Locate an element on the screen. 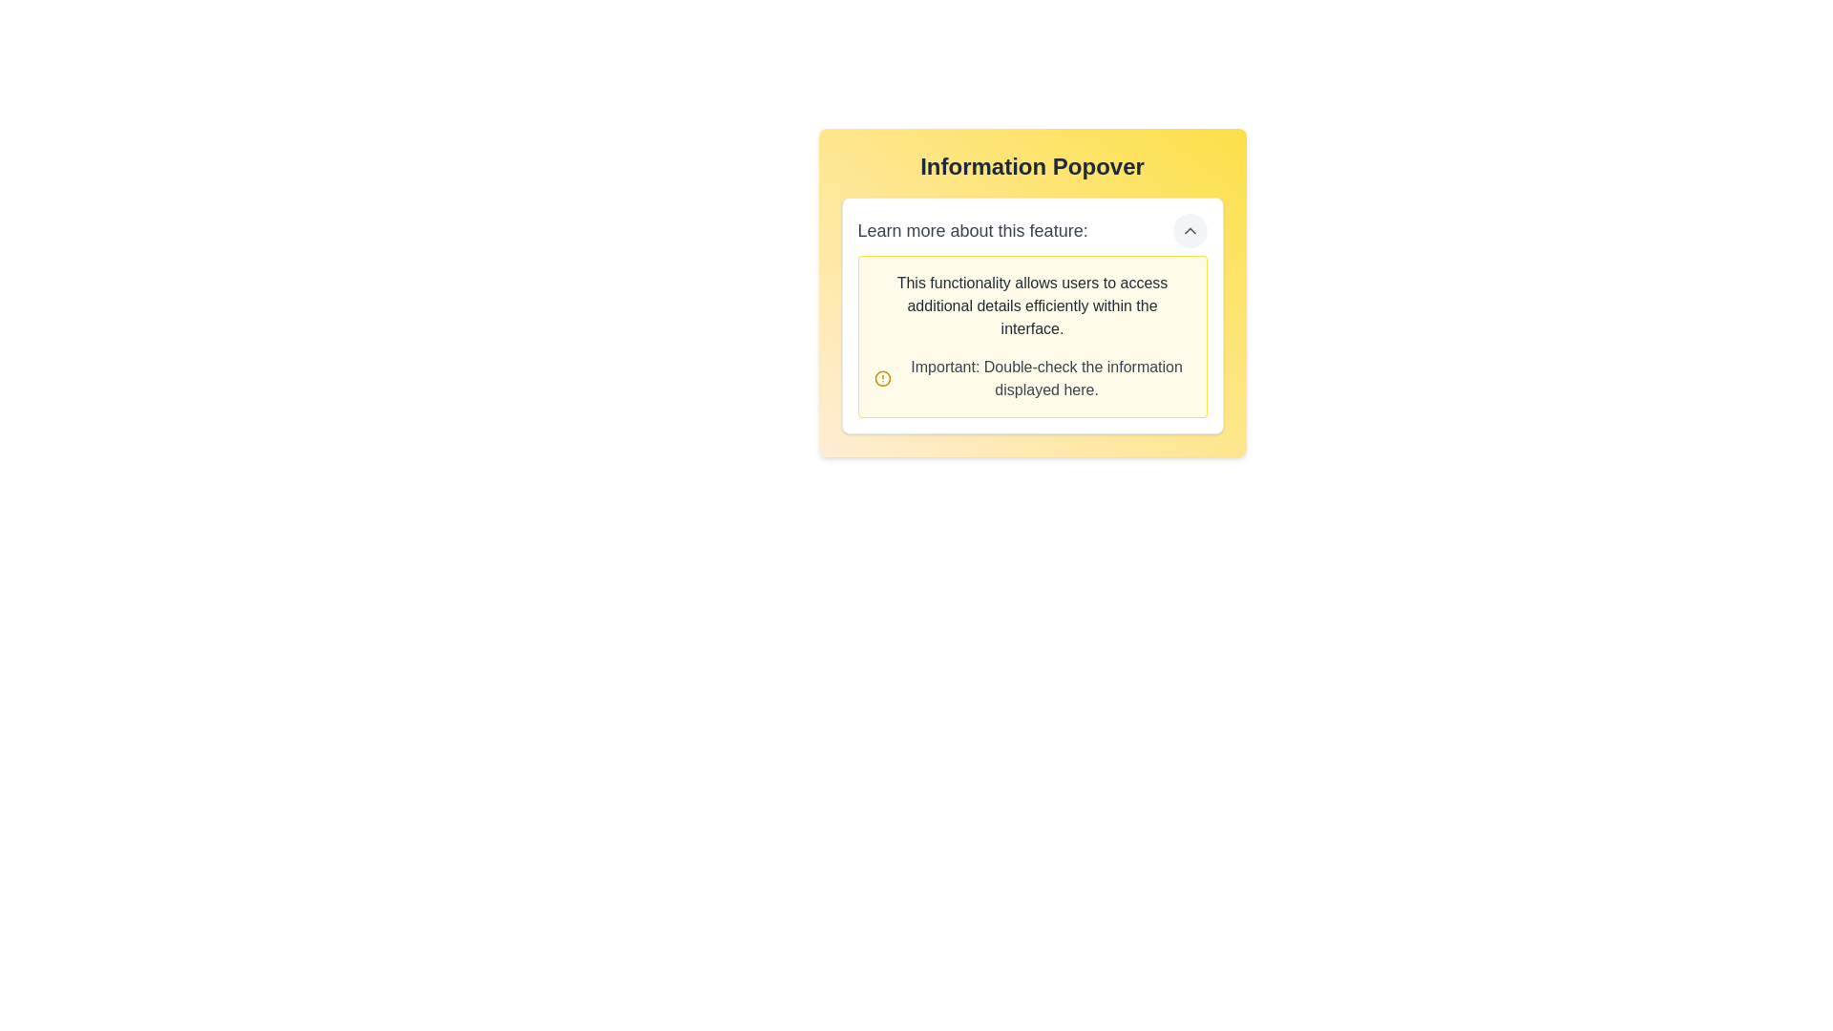  the graphical caution icon (circle) located within the yellow alert icon on the right-hand side of the 'Information Popover' in the main interface is located at coordinates (881, 379).